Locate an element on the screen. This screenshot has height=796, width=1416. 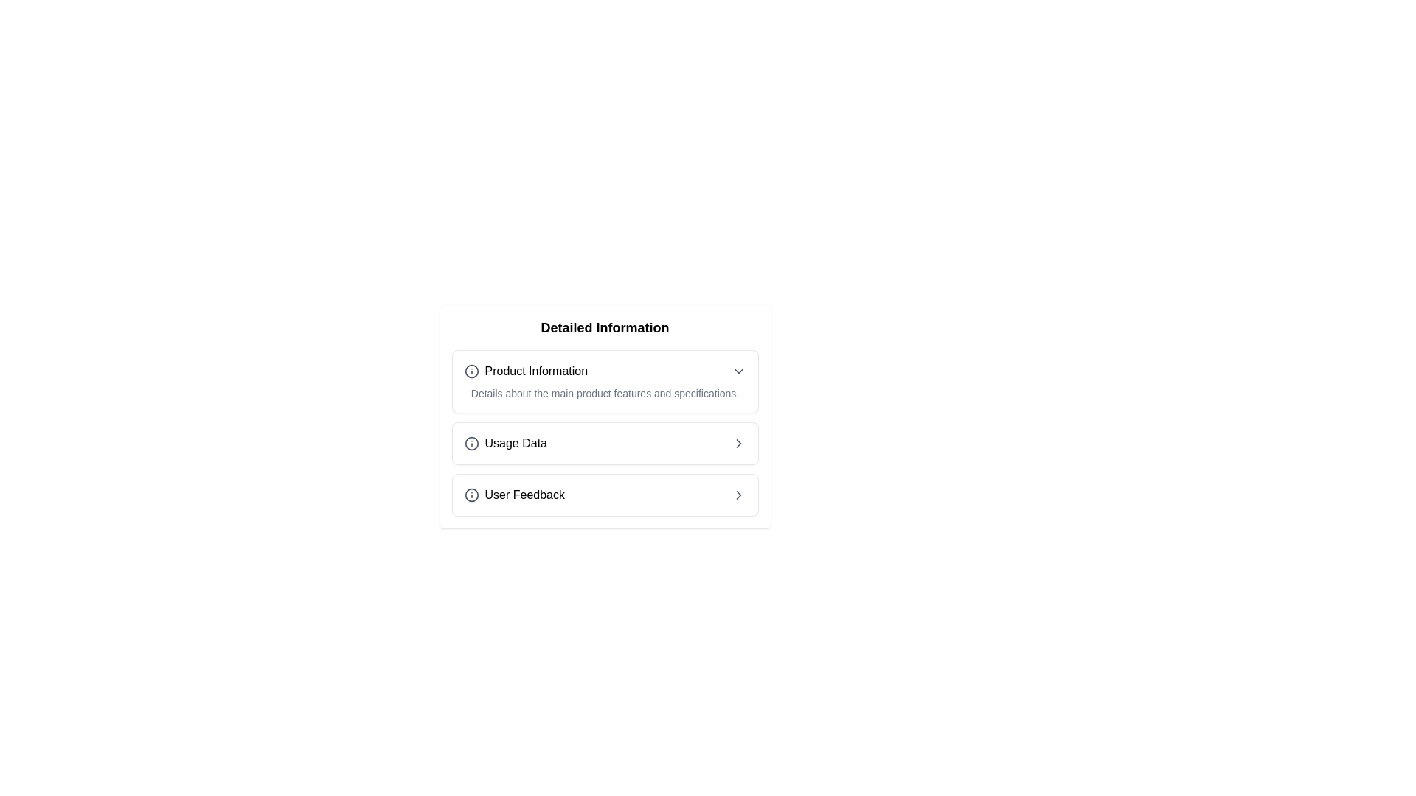
the 'Usage Data' navigation item, which consists of a text label and an icon is located at coordinates (505, 442).